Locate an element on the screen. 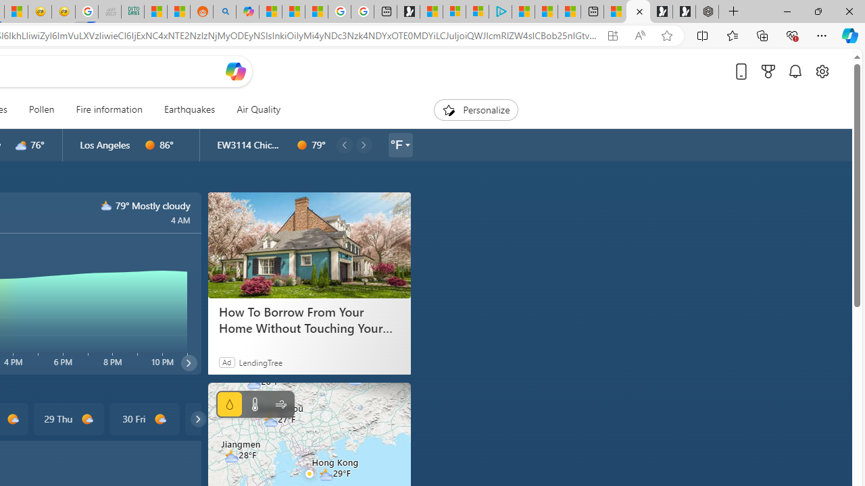  'locationBar/triangle' is located at coordinates (406, 144).